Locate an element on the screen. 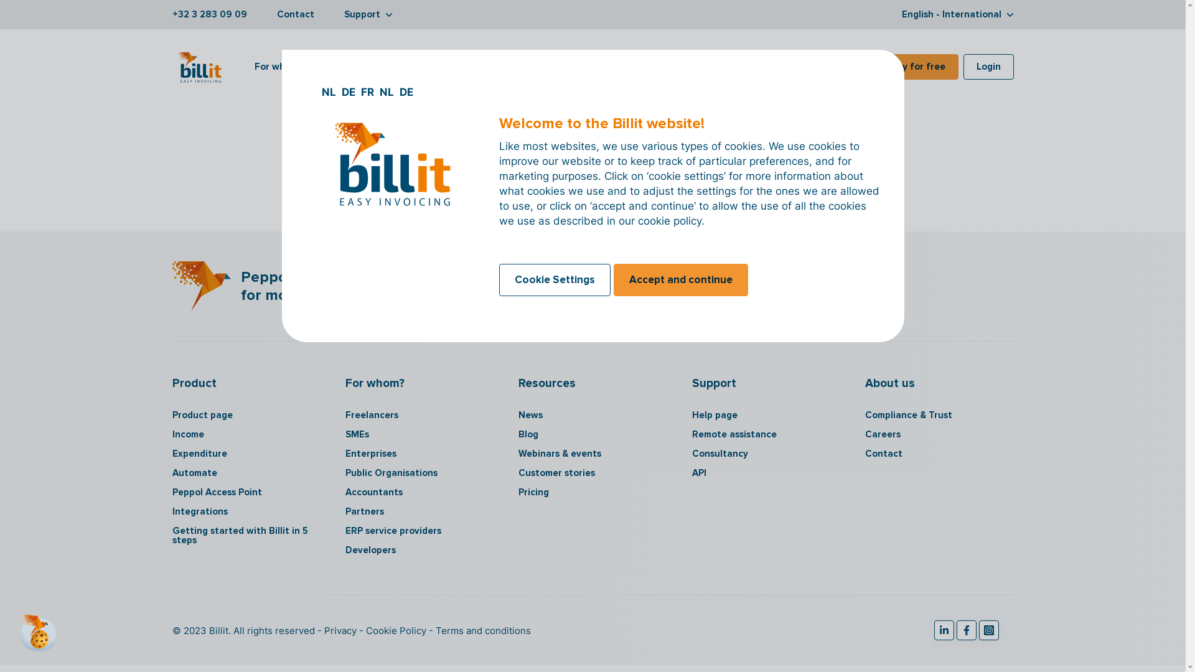 The image size is (1195, 672). 'Integrations' is located at coordinates (171, 511).